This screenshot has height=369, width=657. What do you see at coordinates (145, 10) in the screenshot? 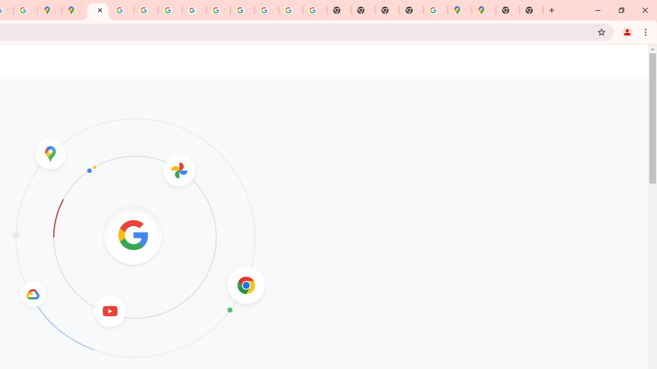
I see `'Privacy Help Center - Policies Help'` at bounding box center [145, 10].